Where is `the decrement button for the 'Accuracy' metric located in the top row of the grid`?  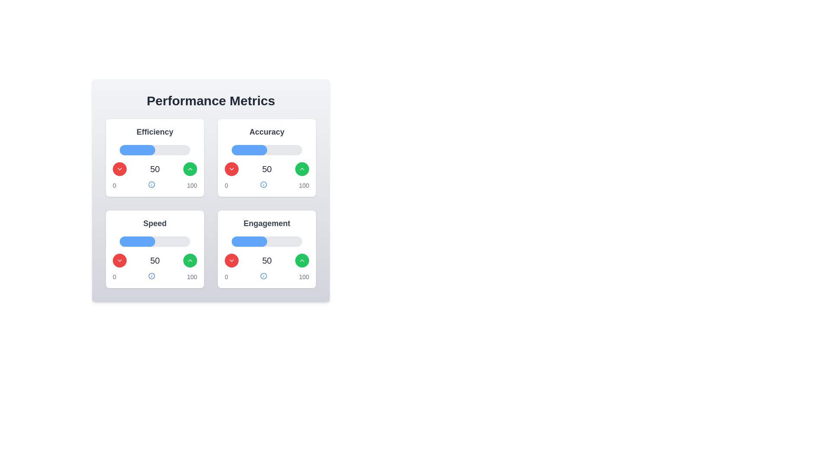
the decrement button for the 'Accuracy' metric located in the top row of the grid is located at coordinates (232, 169).